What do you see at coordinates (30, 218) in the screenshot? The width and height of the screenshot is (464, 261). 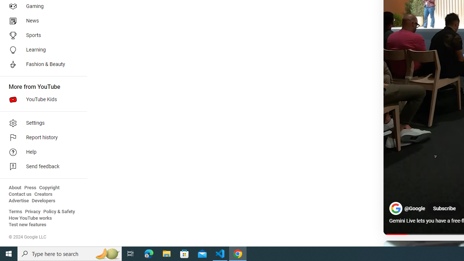 I see `'How YouTube works'` at bounding box center [30, 218].